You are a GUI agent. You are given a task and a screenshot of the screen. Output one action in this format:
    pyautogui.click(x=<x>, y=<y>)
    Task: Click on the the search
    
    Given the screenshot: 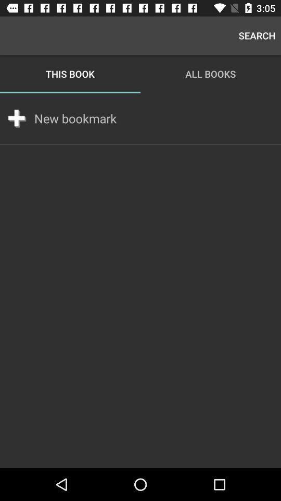 What is the action you would take?
    pyautogui.click(x=257, y=35)
    